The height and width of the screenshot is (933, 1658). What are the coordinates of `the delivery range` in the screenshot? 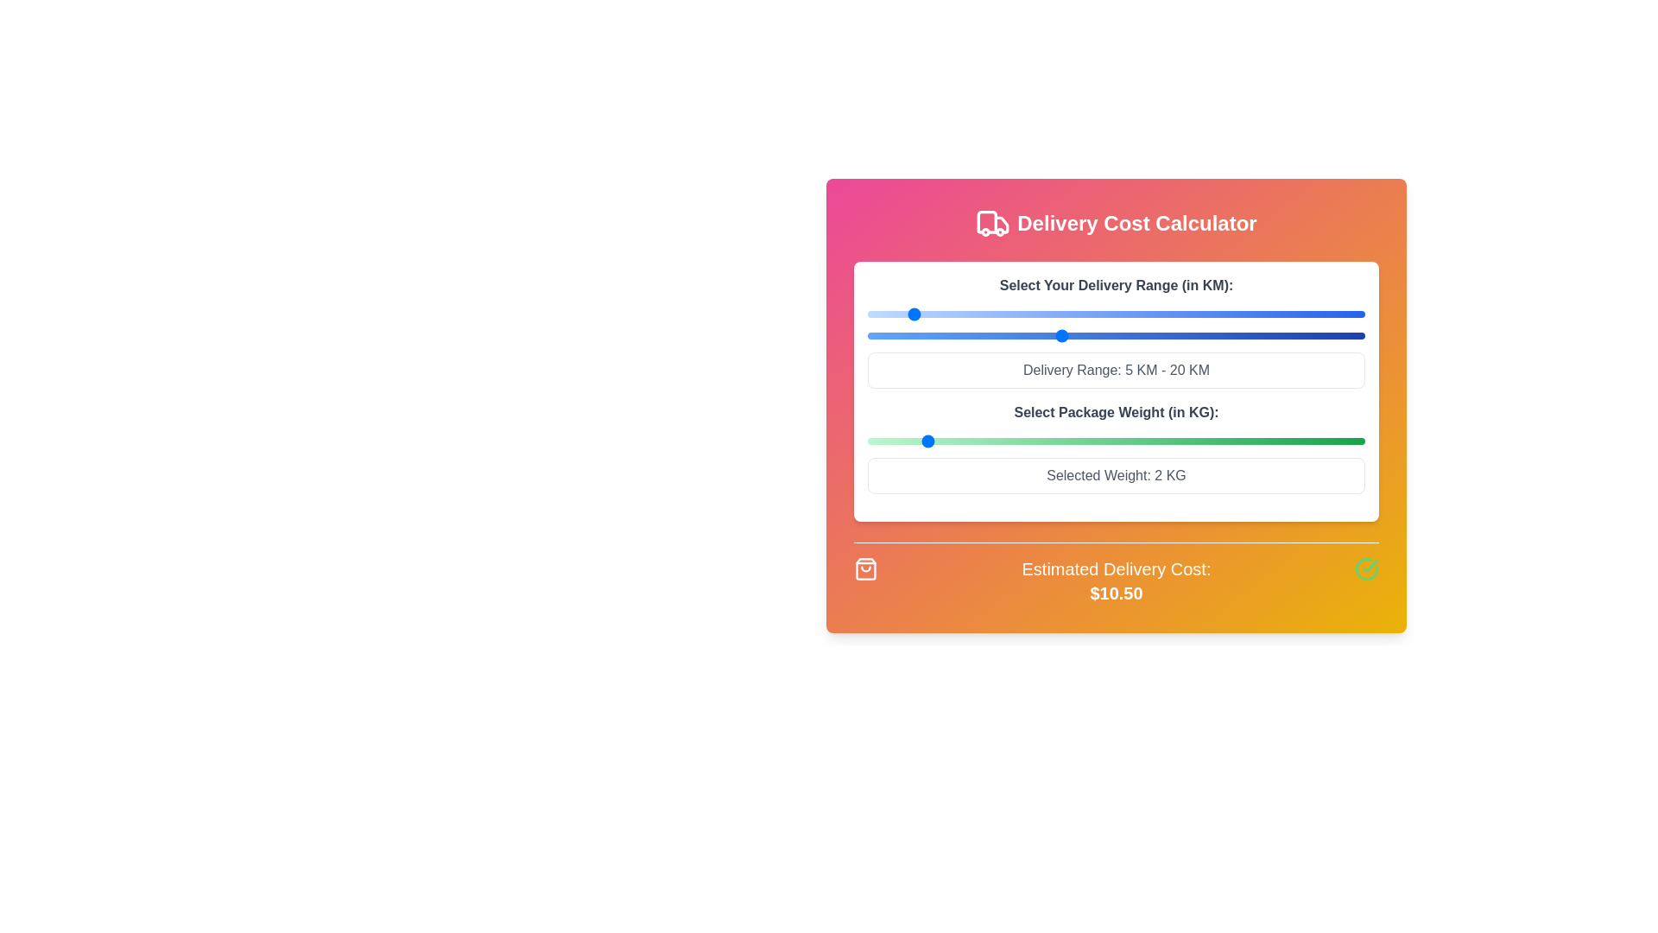 It's located at (1232, 314).